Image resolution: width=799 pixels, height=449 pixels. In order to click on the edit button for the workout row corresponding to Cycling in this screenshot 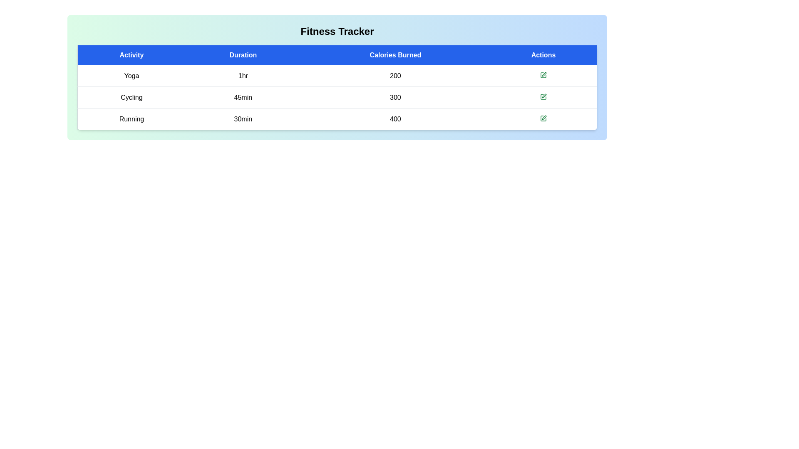, I will do `click(543, 96)`.